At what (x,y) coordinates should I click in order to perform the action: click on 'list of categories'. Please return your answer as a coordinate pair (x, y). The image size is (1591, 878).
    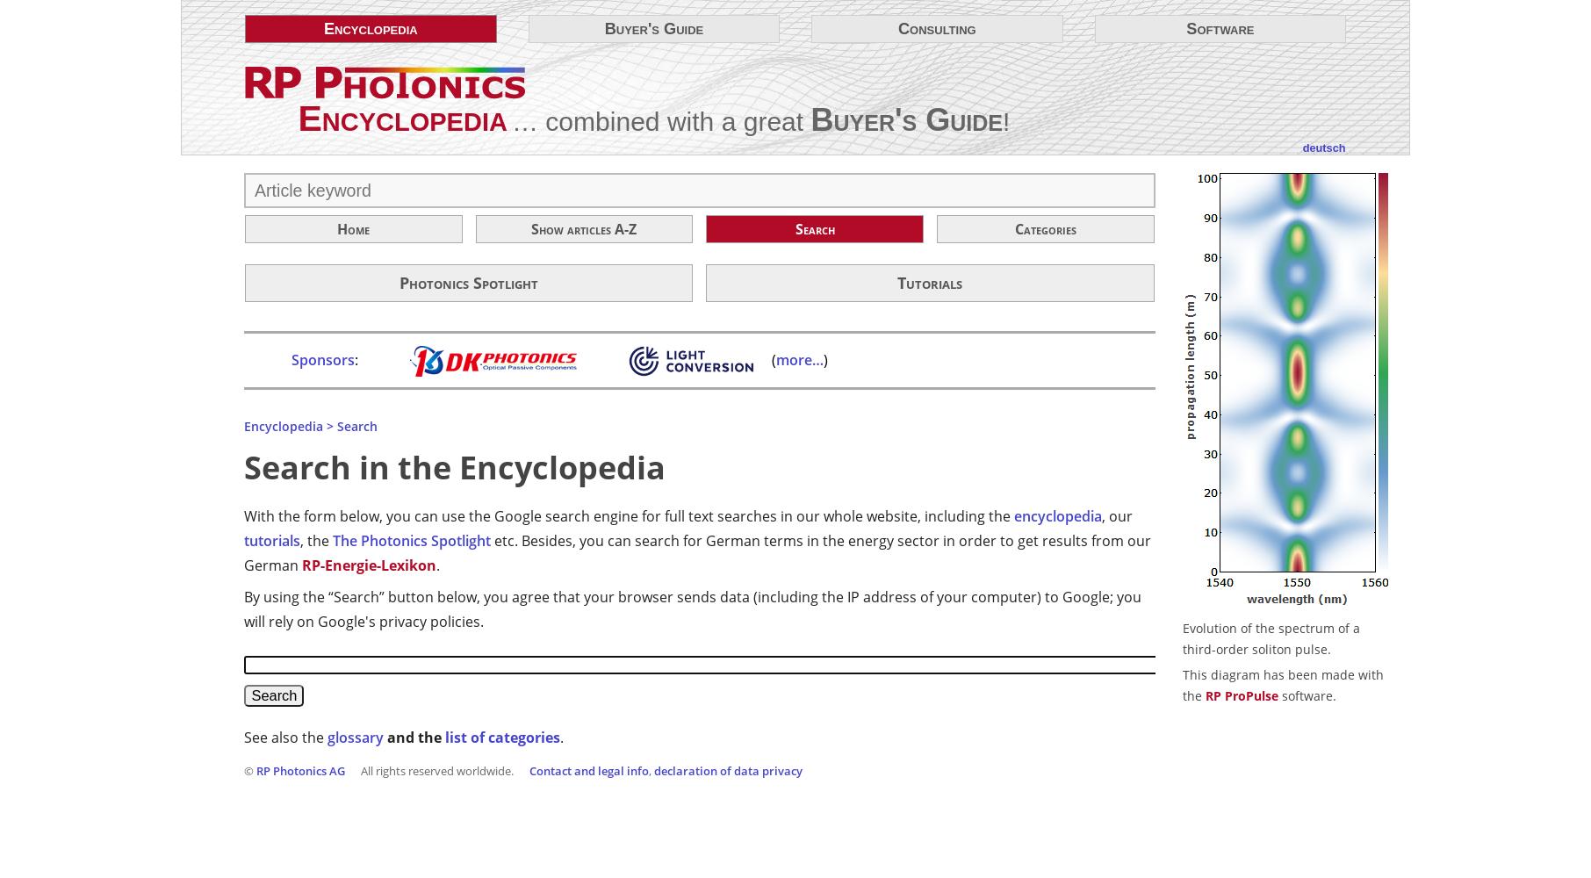
    Looking at the image, I should click on (501, 735).